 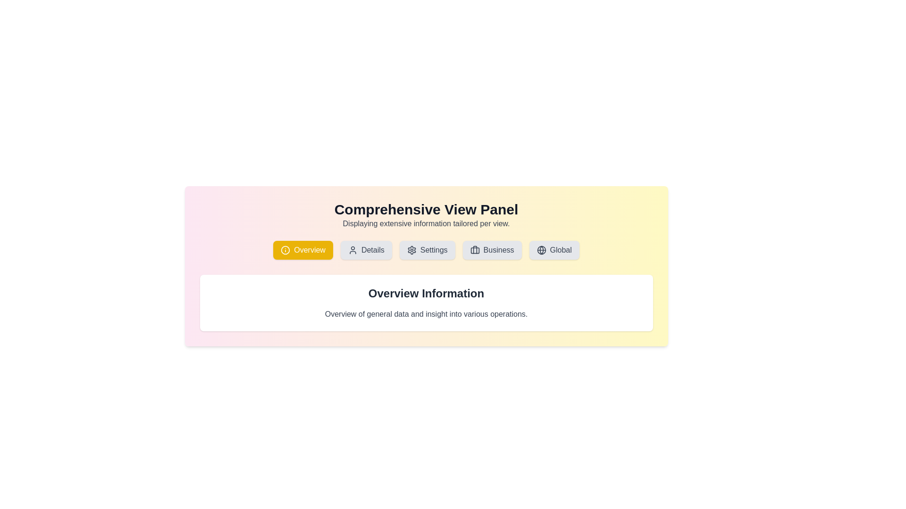 I want to click on the 'Details' button icon located in the navigation bar at the top, which represents user-related or profile-specific details, so click(x=352, y=250).